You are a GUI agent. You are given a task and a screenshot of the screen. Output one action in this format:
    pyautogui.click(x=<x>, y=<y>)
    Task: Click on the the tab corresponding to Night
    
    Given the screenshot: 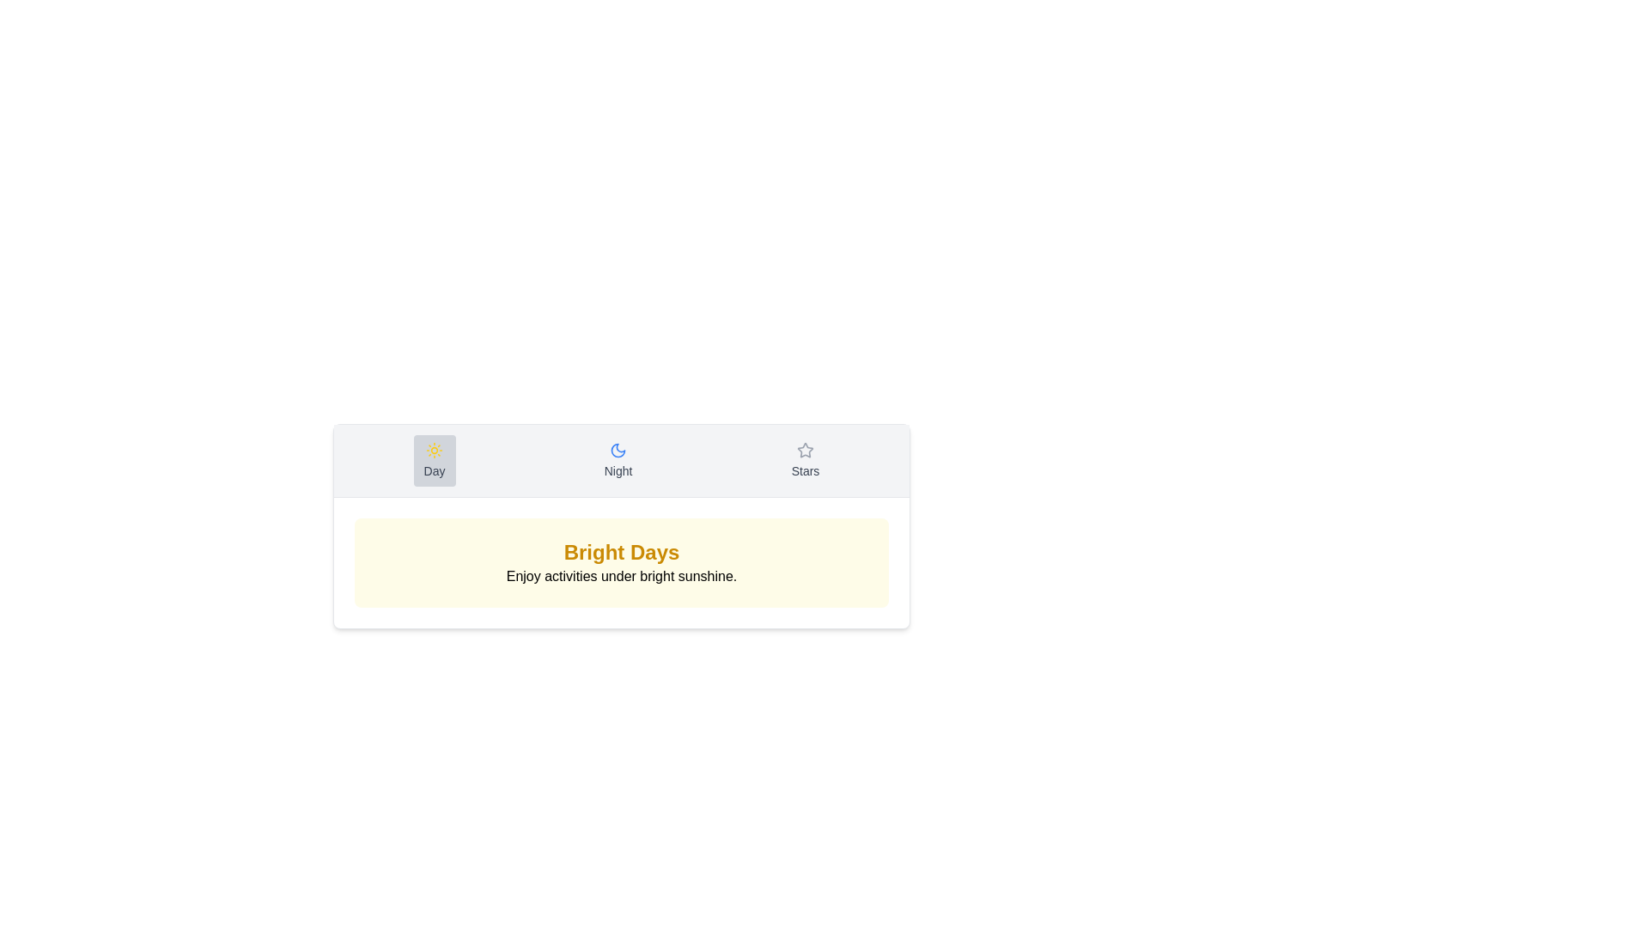 What is the action you would take?
    pyautogui.click(x=618, y=459)
    